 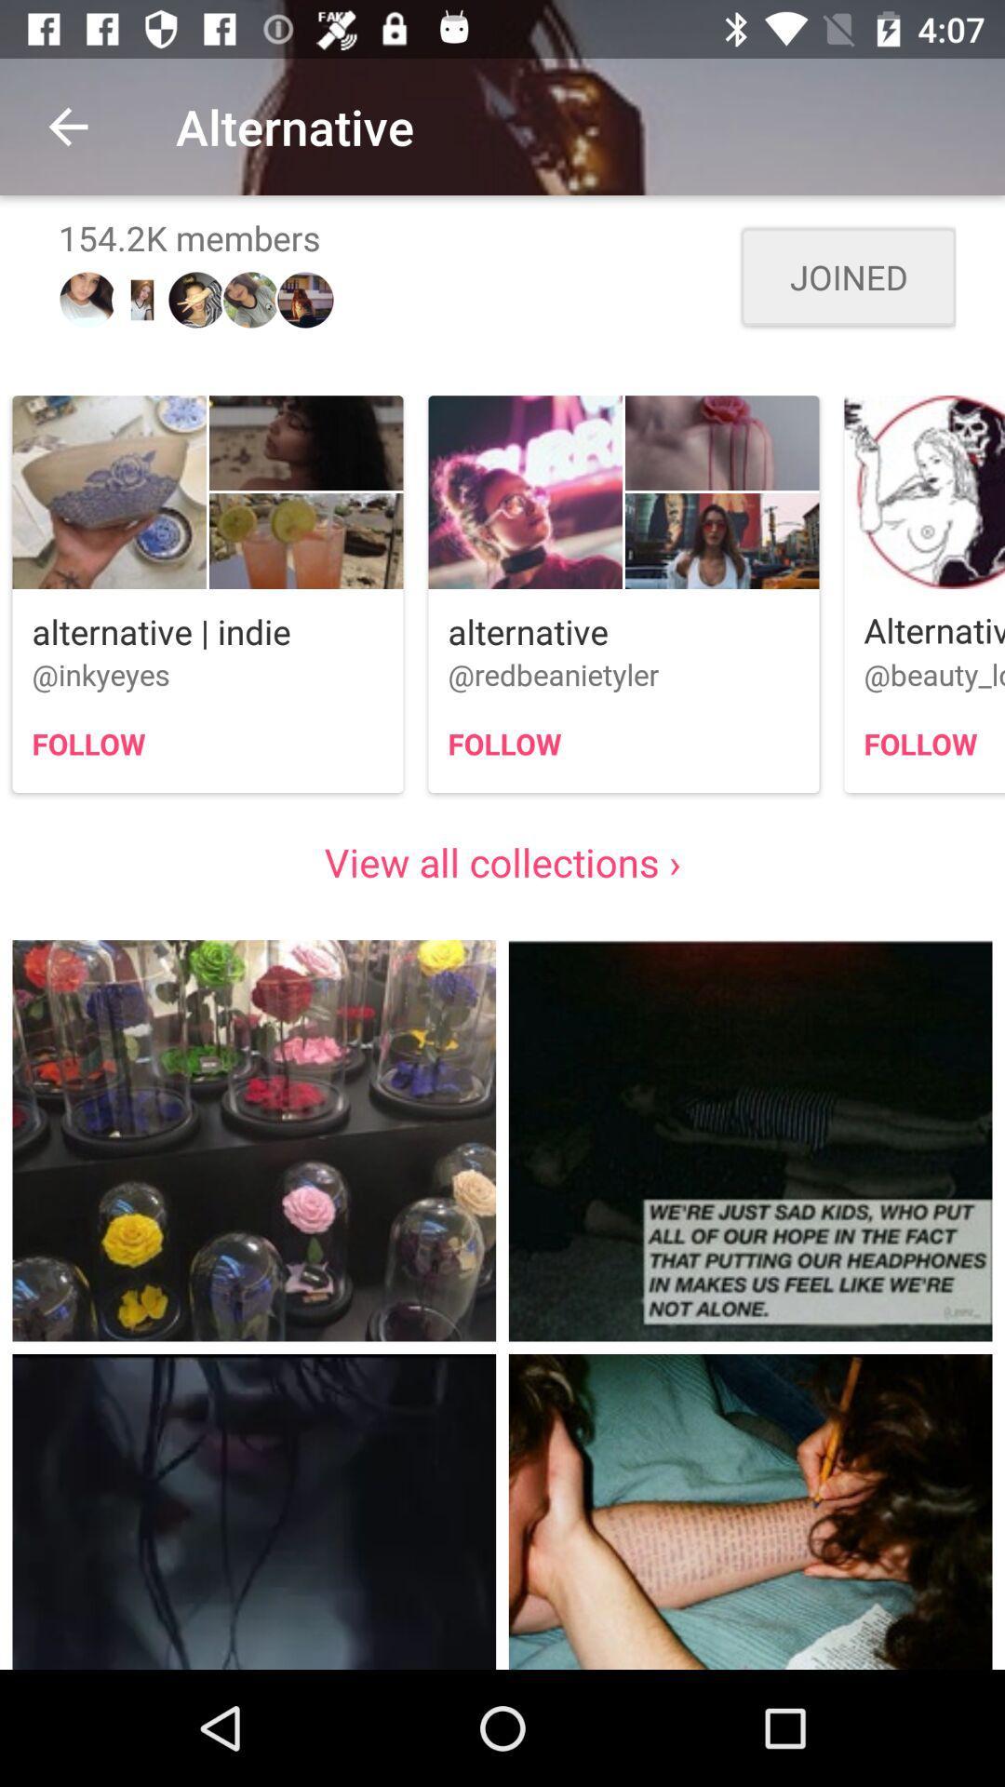 I want to click on the icon below the follow, so click(x=502, y=861).